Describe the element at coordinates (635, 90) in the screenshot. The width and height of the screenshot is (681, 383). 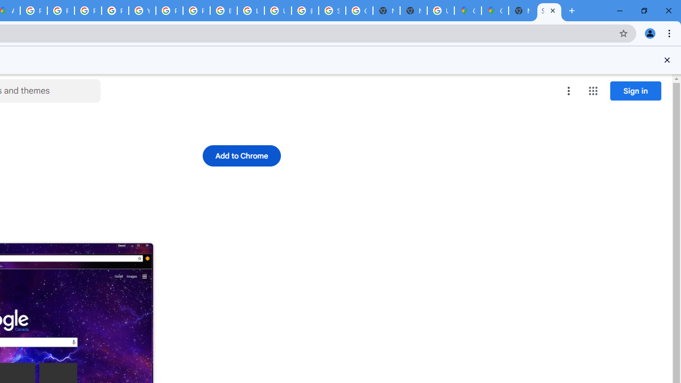
I see `'Sign in'` at that location.